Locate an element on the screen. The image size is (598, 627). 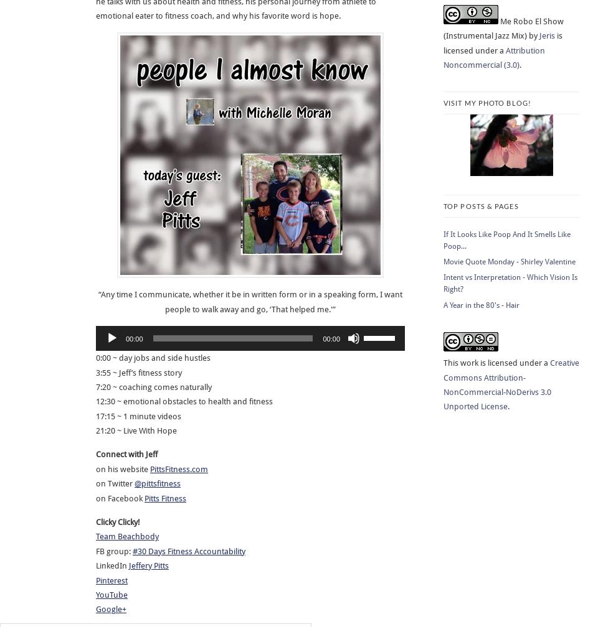
'#30 Days Fitness Accountability' is located at coordinates (189, 550).